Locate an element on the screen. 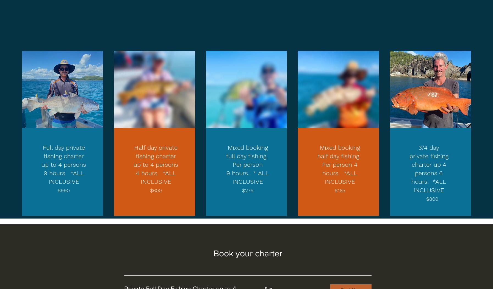 Image resolution: width=493 pixels, height=289 pixels. '$275' is located at coordinates (247, 190).